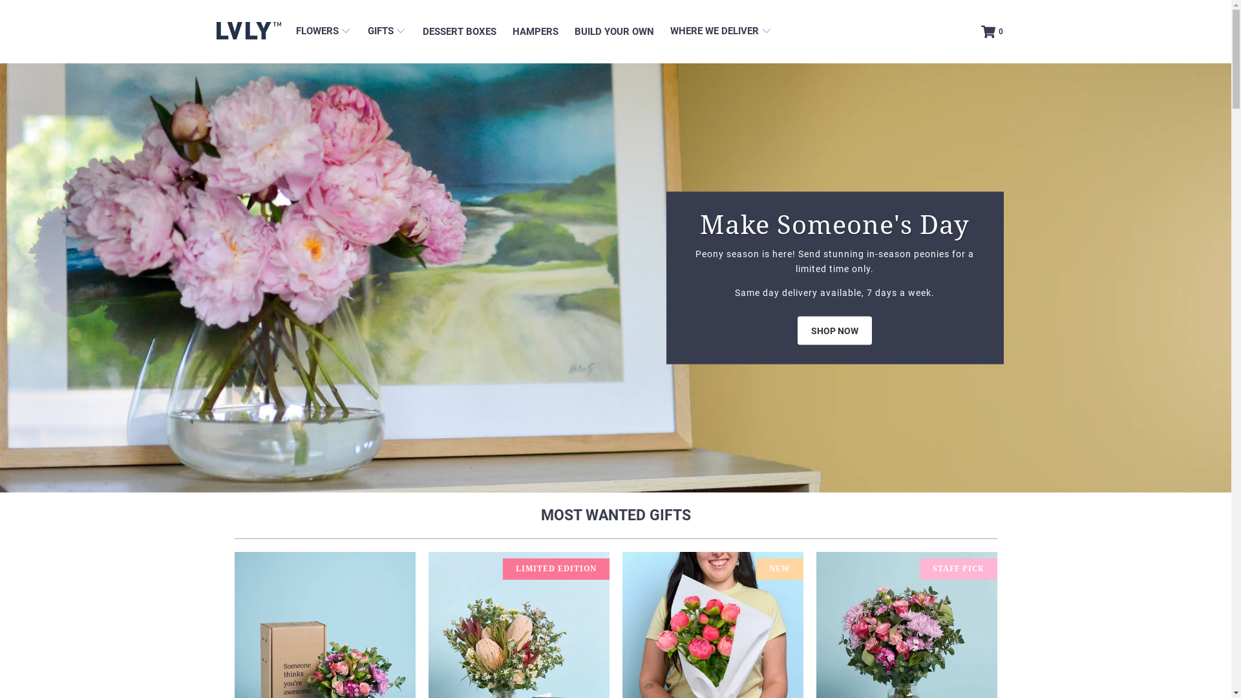  I want to click on 'BUILD YOUR OWN', so click(613, 31).